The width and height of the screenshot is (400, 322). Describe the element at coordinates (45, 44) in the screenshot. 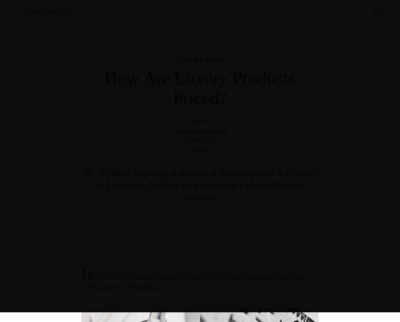

I see `'Back'` at that location.